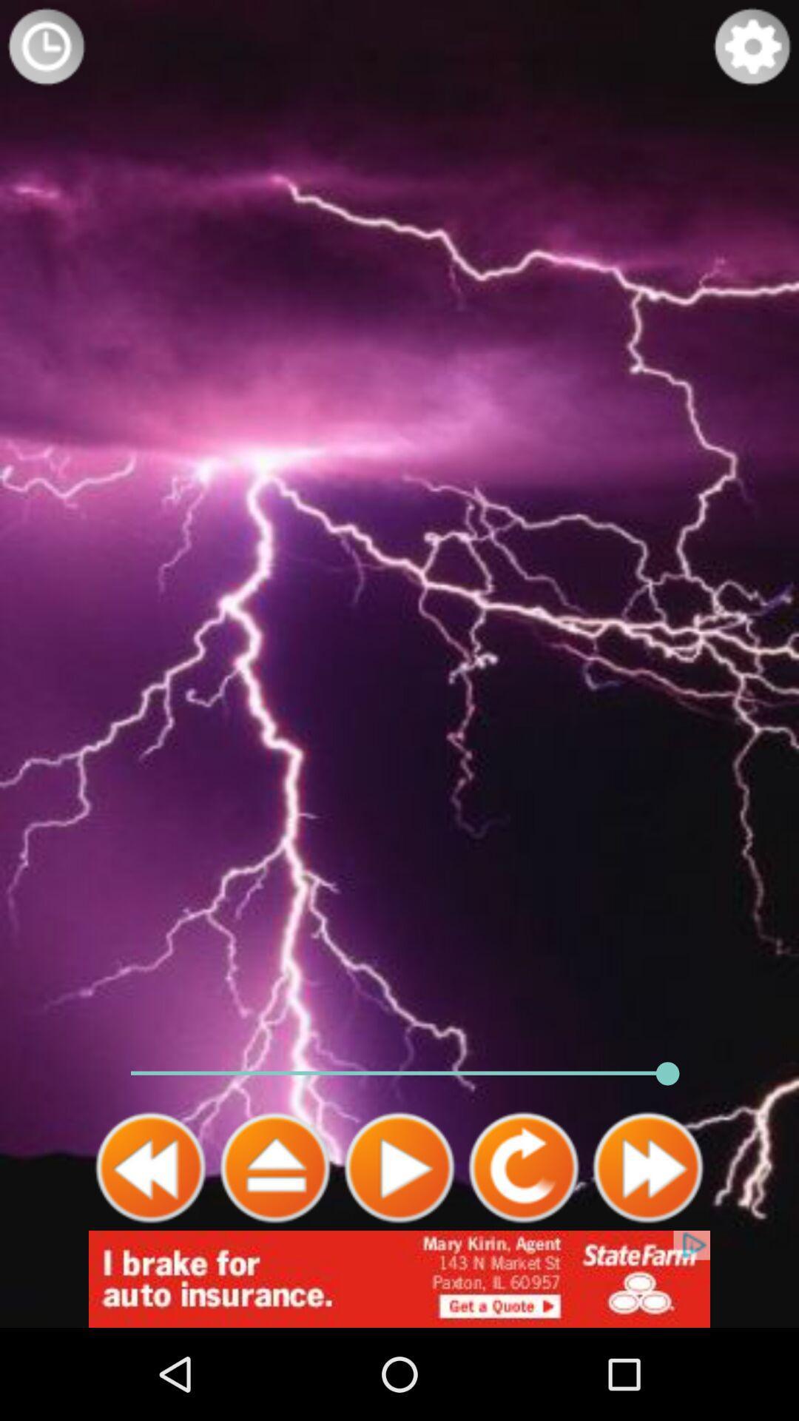 The image size is (799, 1421). What do you see at coordinates (274, 1167) in the screenshot?
I see `stop sound` at bounding box center [274, 1167].